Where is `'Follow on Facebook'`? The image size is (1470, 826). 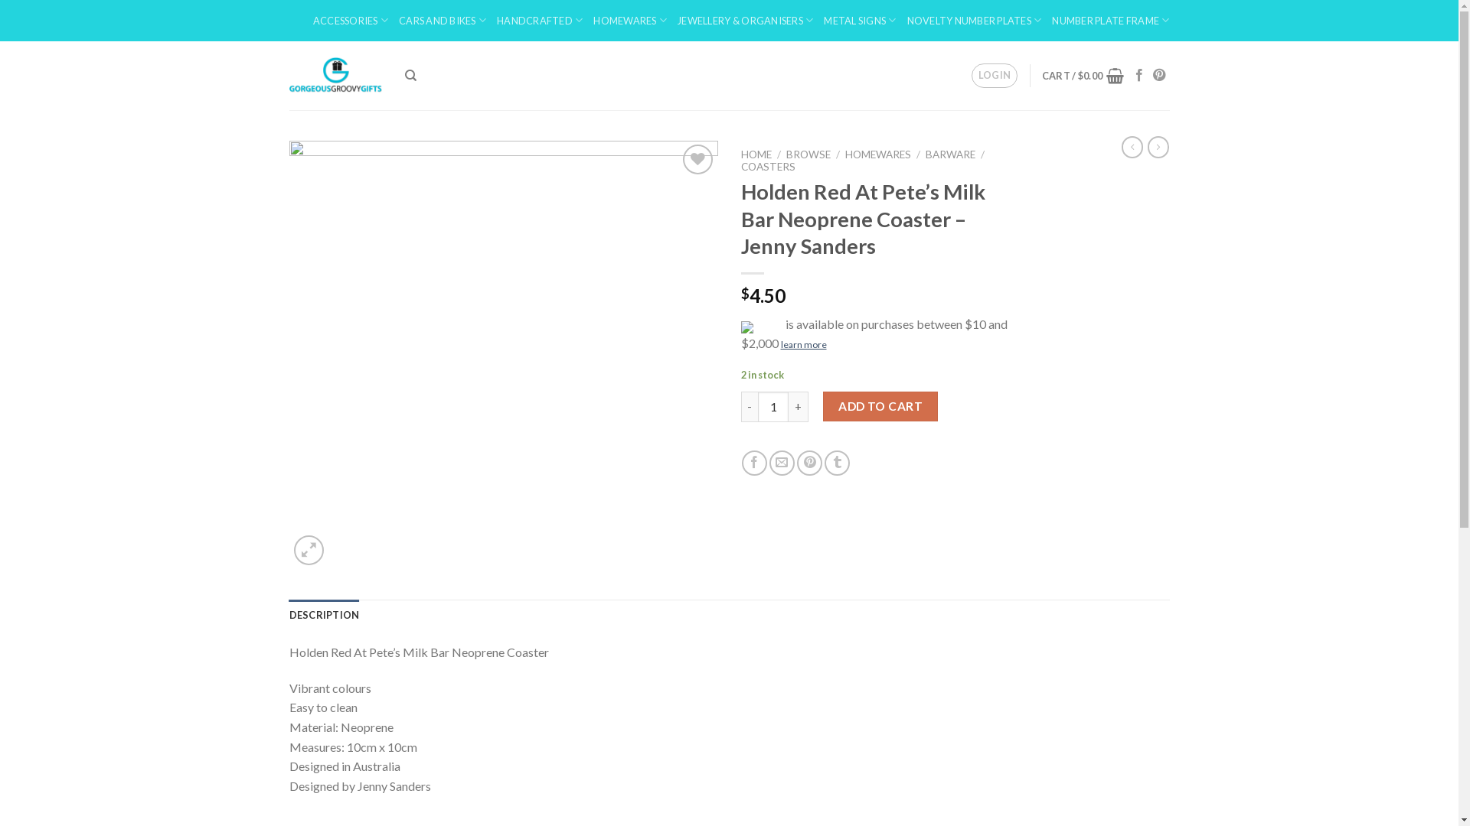
'Follow on Facebook' is located at coordinates (1139, 76).